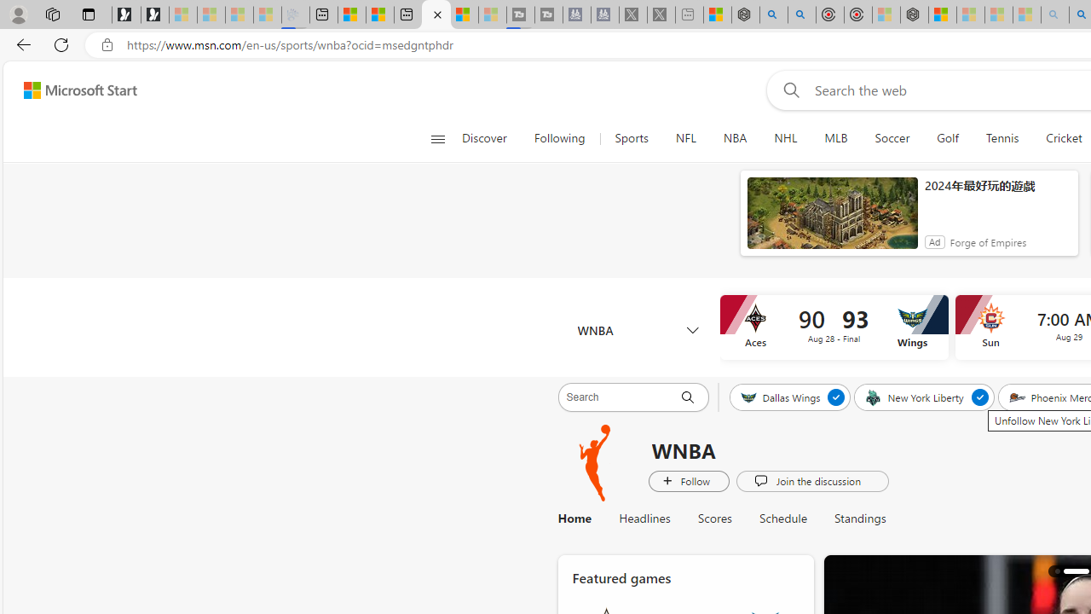 This screenshot has height=614, width=1091. Describe the element at coordinates (155, 14) in the screenshot. I see `'Newsletter Sign Up'` at that location.